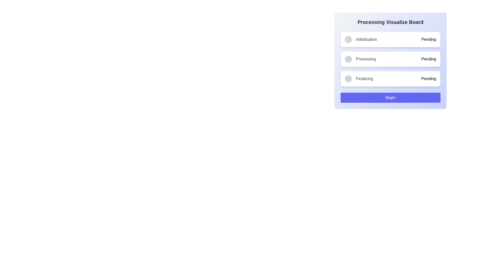  Describe the element at coordinates (390, 59) in the screenshot. I see `the visual status of the 'Processing' step in the status indicator panel, which is centrally located below the 'Processing Visualize Board' title and above the 'Begin' button` at that location.